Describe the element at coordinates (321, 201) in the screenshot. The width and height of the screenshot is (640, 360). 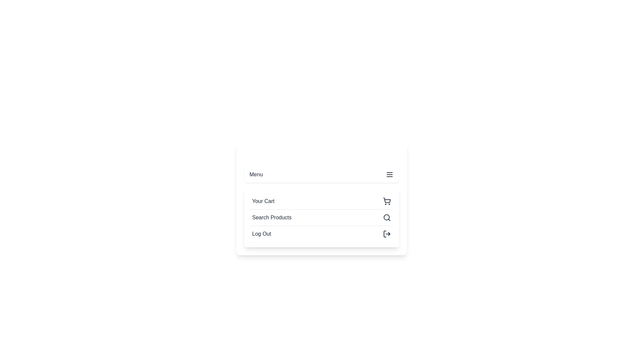
I see `the first item in the vertically stacked menu labeled 'Your Cart'` at that location.